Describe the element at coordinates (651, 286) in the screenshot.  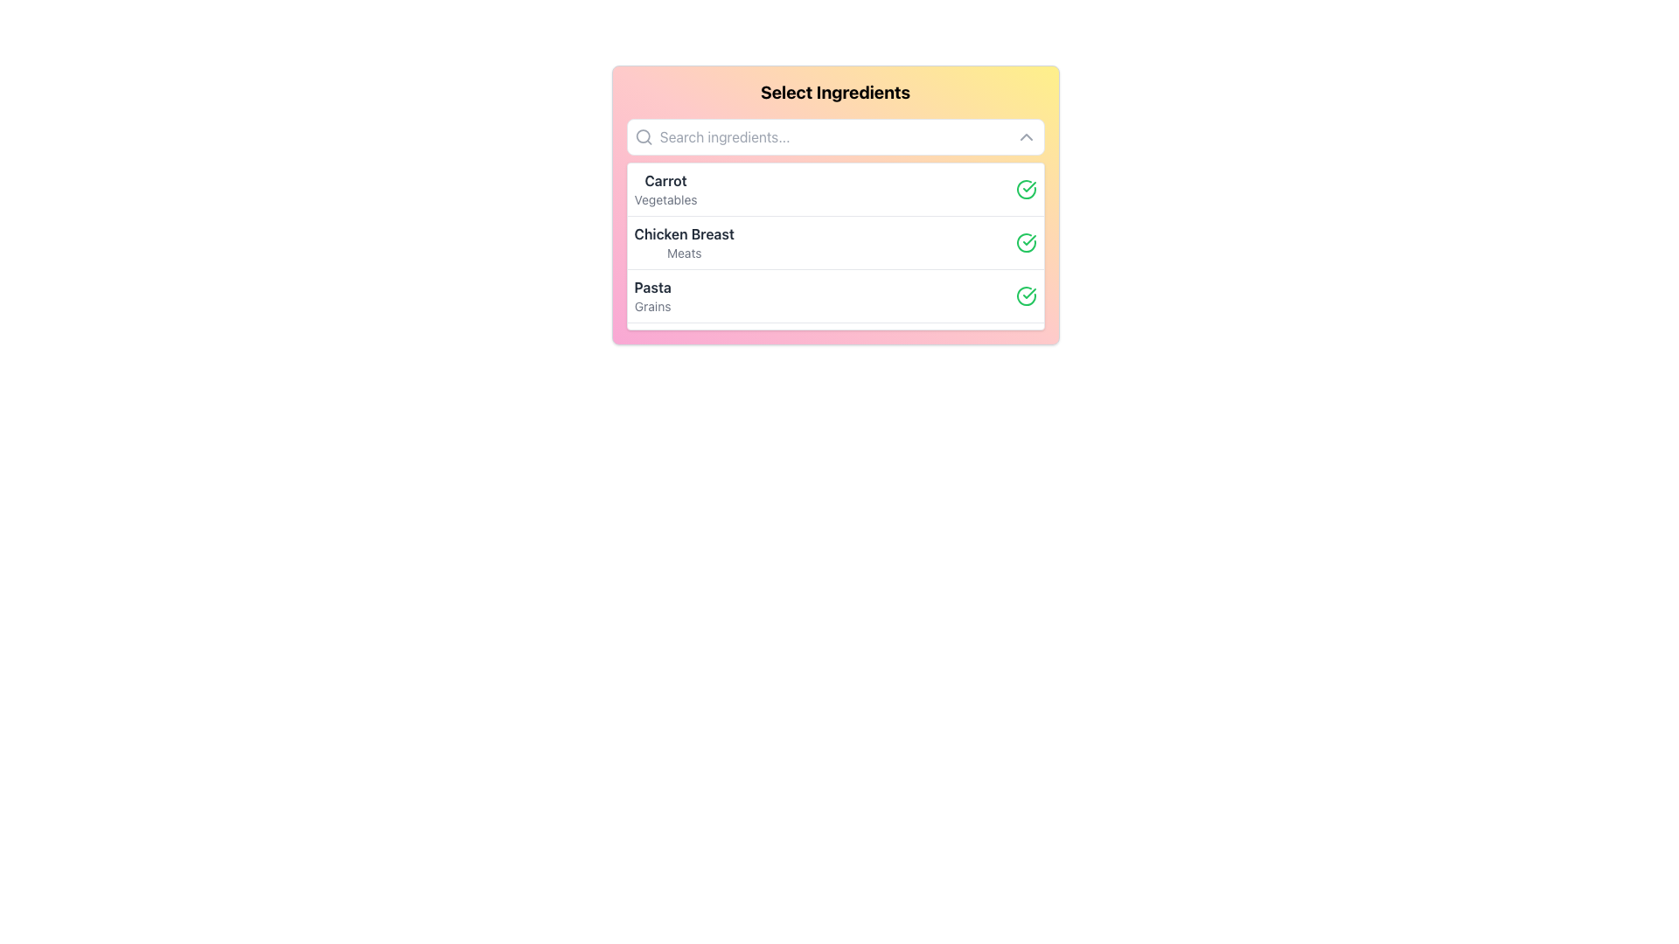
I see `the ingredient name` at that location.